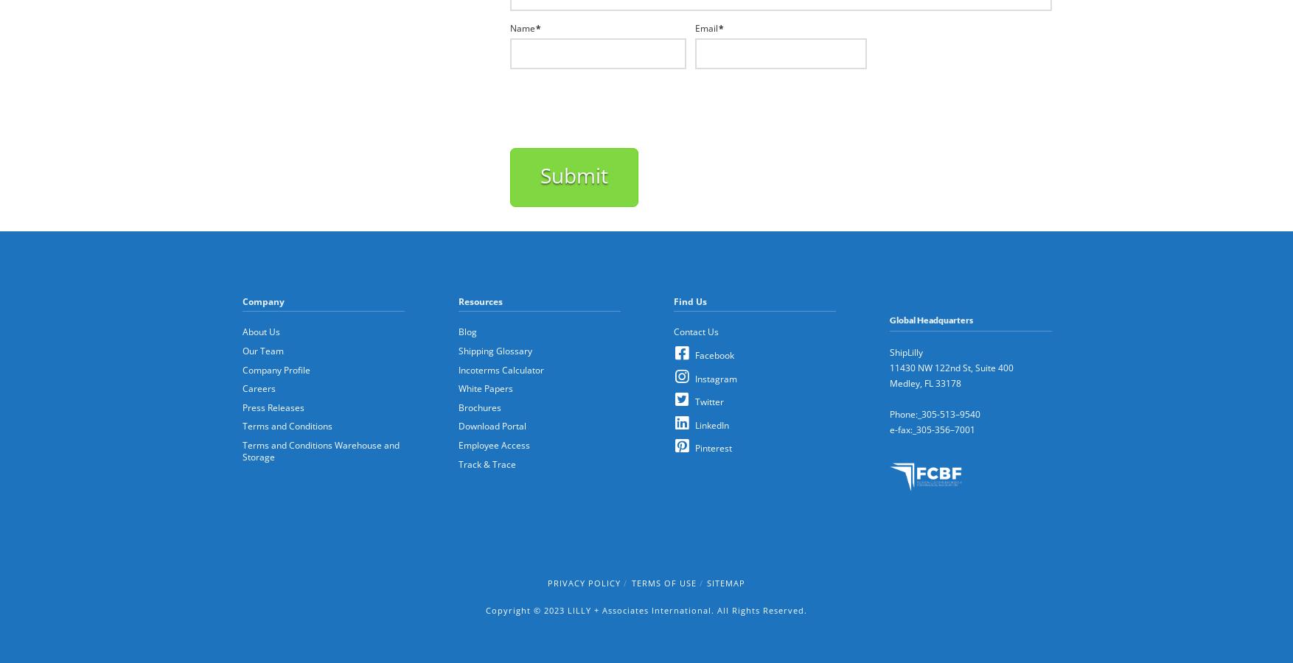  Describe the element at coordinates (711, 447) in the screenshot. I see `'Pinterest'` at that location.